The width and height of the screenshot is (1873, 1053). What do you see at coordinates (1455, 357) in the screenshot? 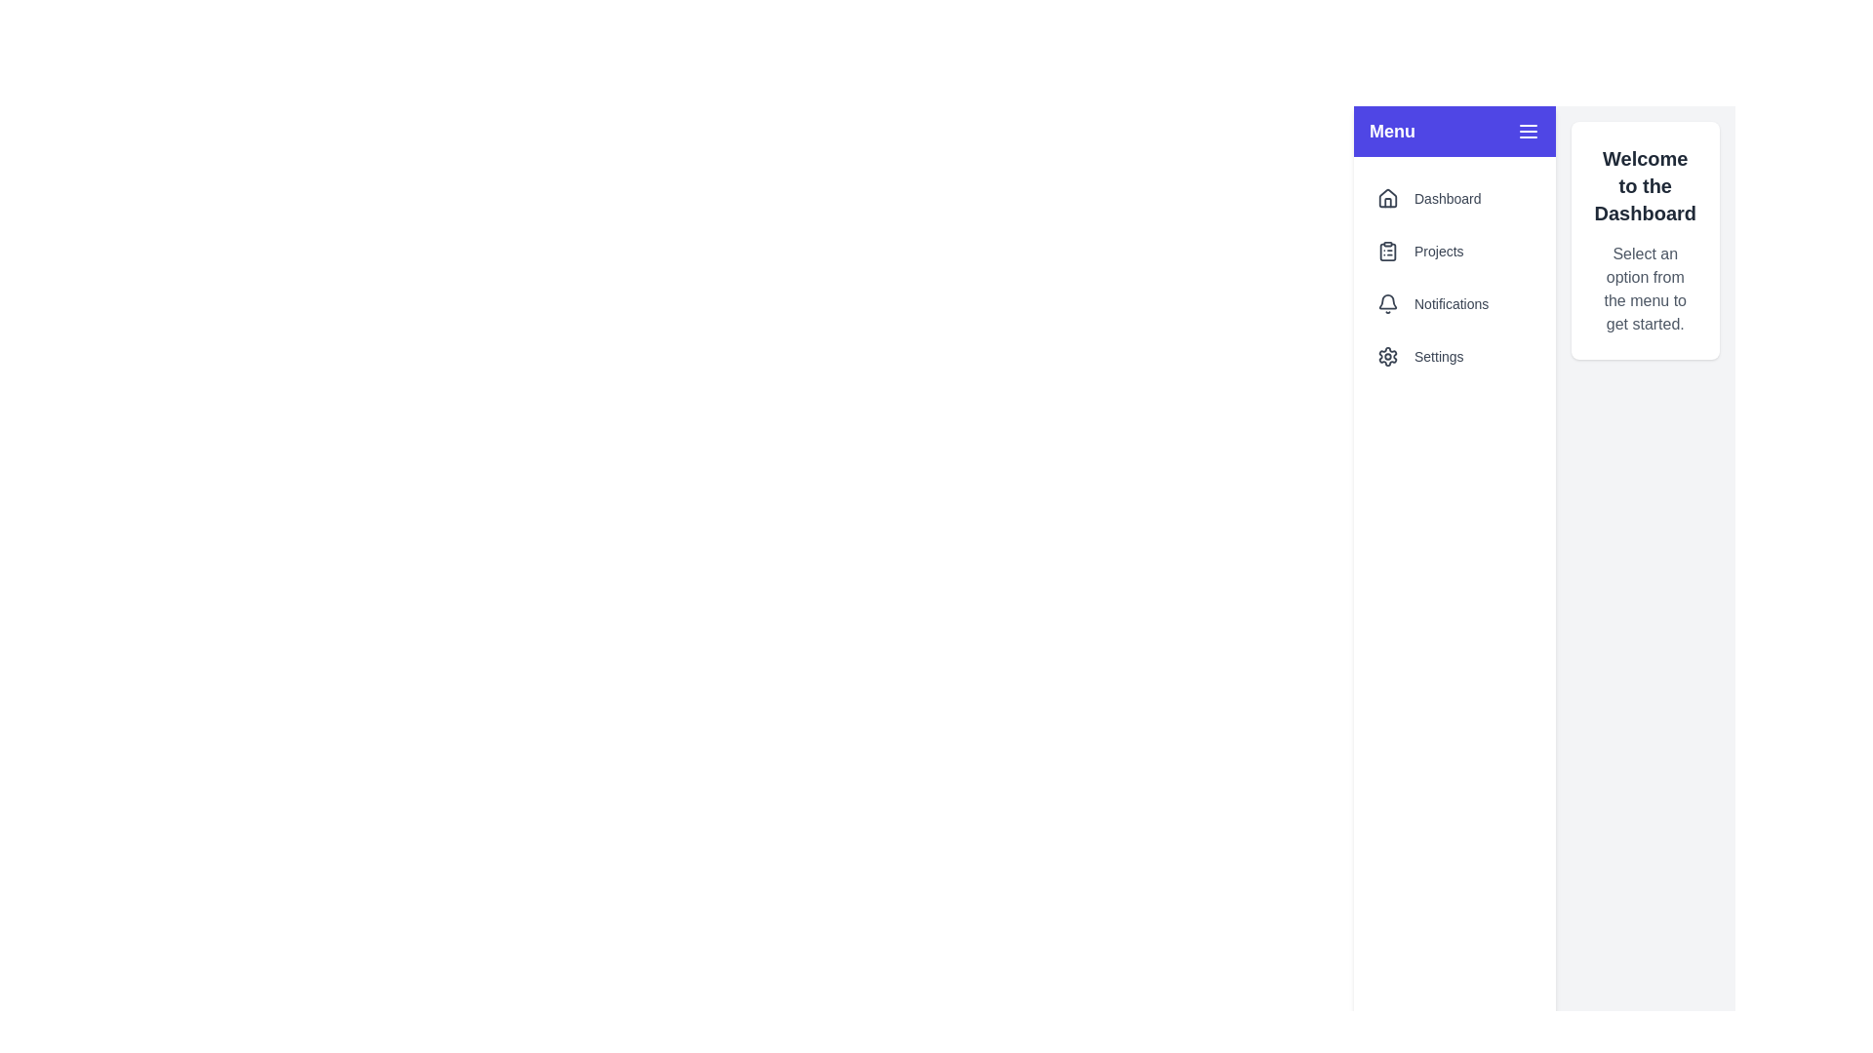
I see `the menu item labeled Settings` at bounding box center [1455, 357].